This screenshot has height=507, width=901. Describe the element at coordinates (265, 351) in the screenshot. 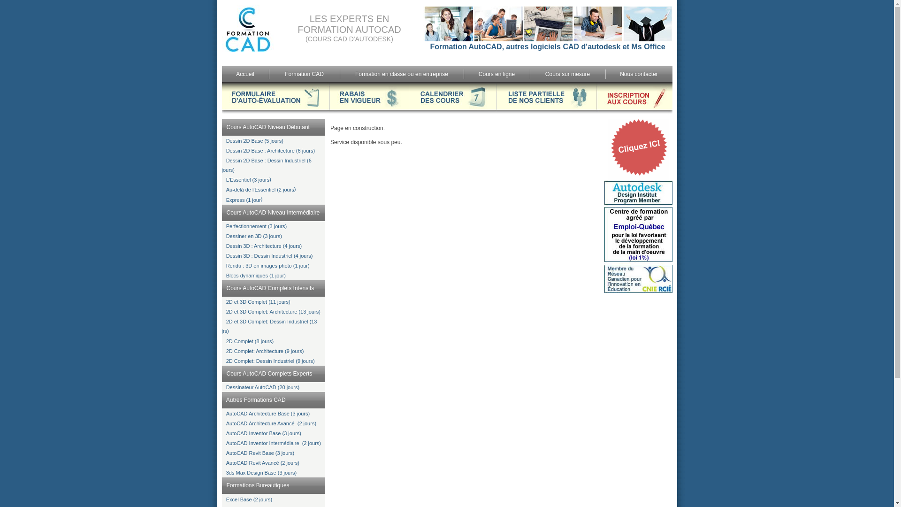

I see `'2D Complet: Architecture (9 jours)'` at that location.